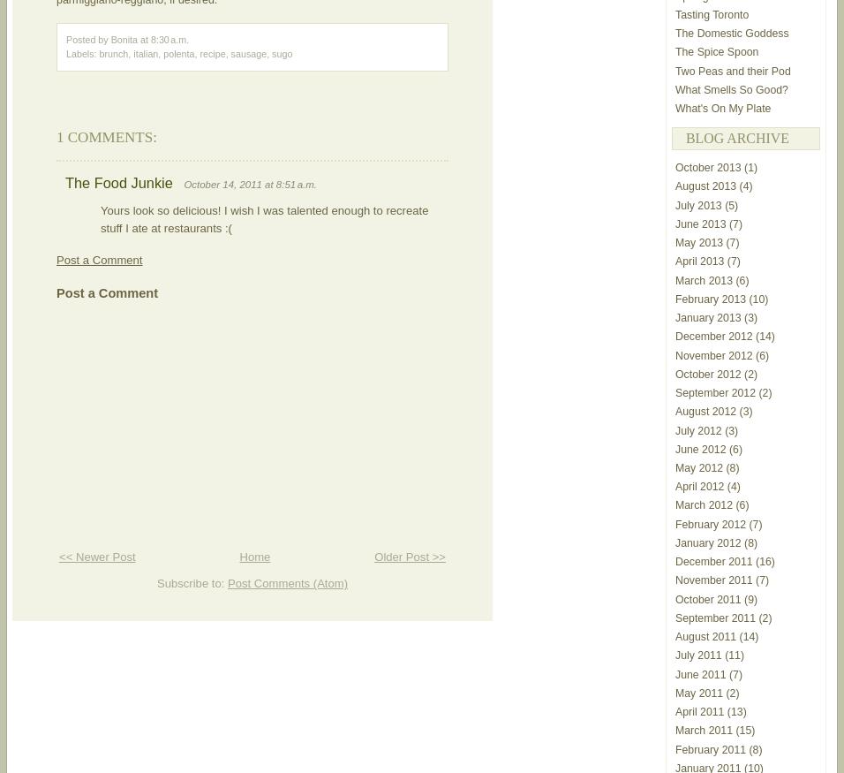 This screenshot has width=844, height=773. Describe the element at coordinates (674, 748) in the screenshot. I see `'February 2011'` at that location.